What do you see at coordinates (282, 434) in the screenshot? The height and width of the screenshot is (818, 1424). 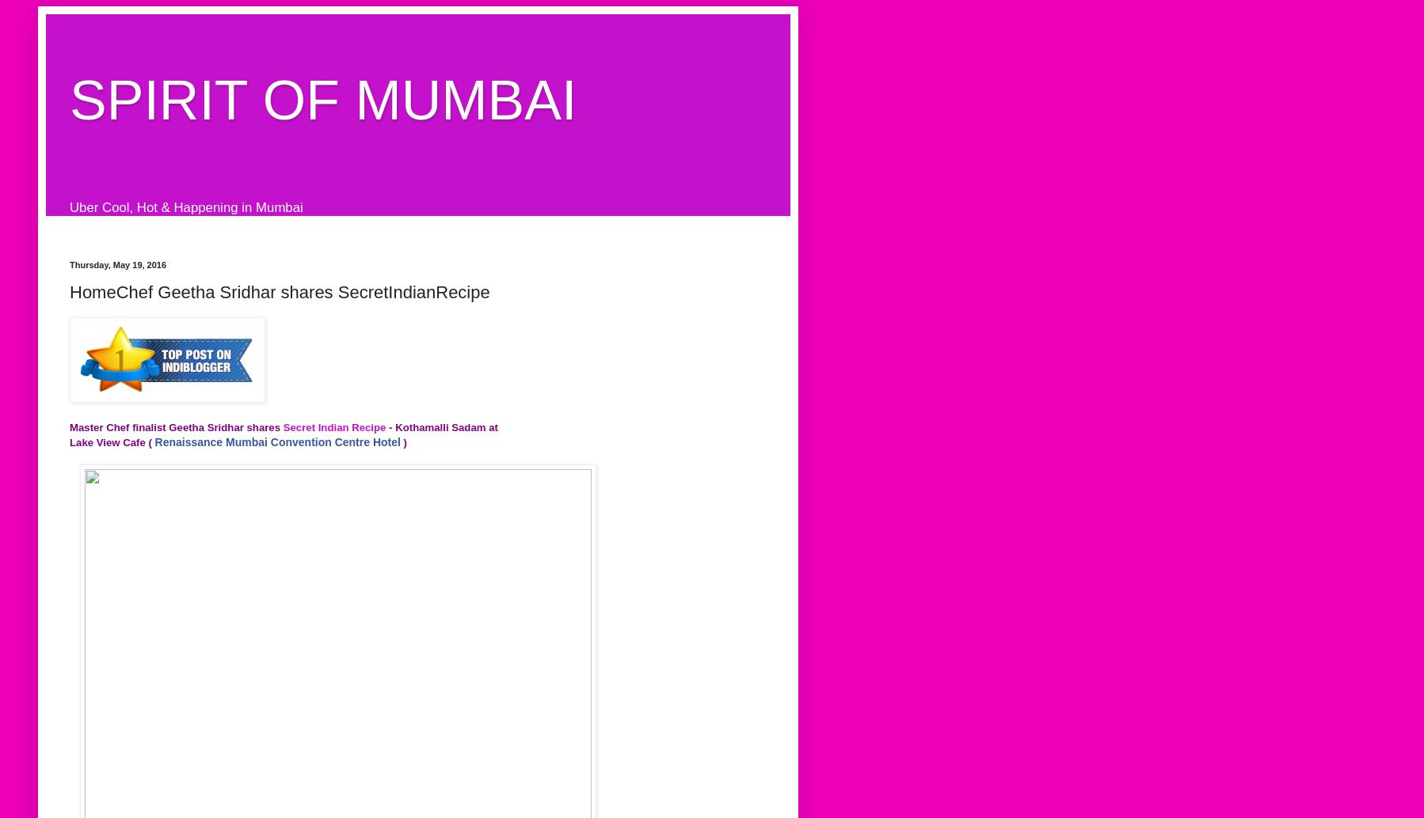 I see `'at Lake View Cafe ('` at bounding box center [282, 434].